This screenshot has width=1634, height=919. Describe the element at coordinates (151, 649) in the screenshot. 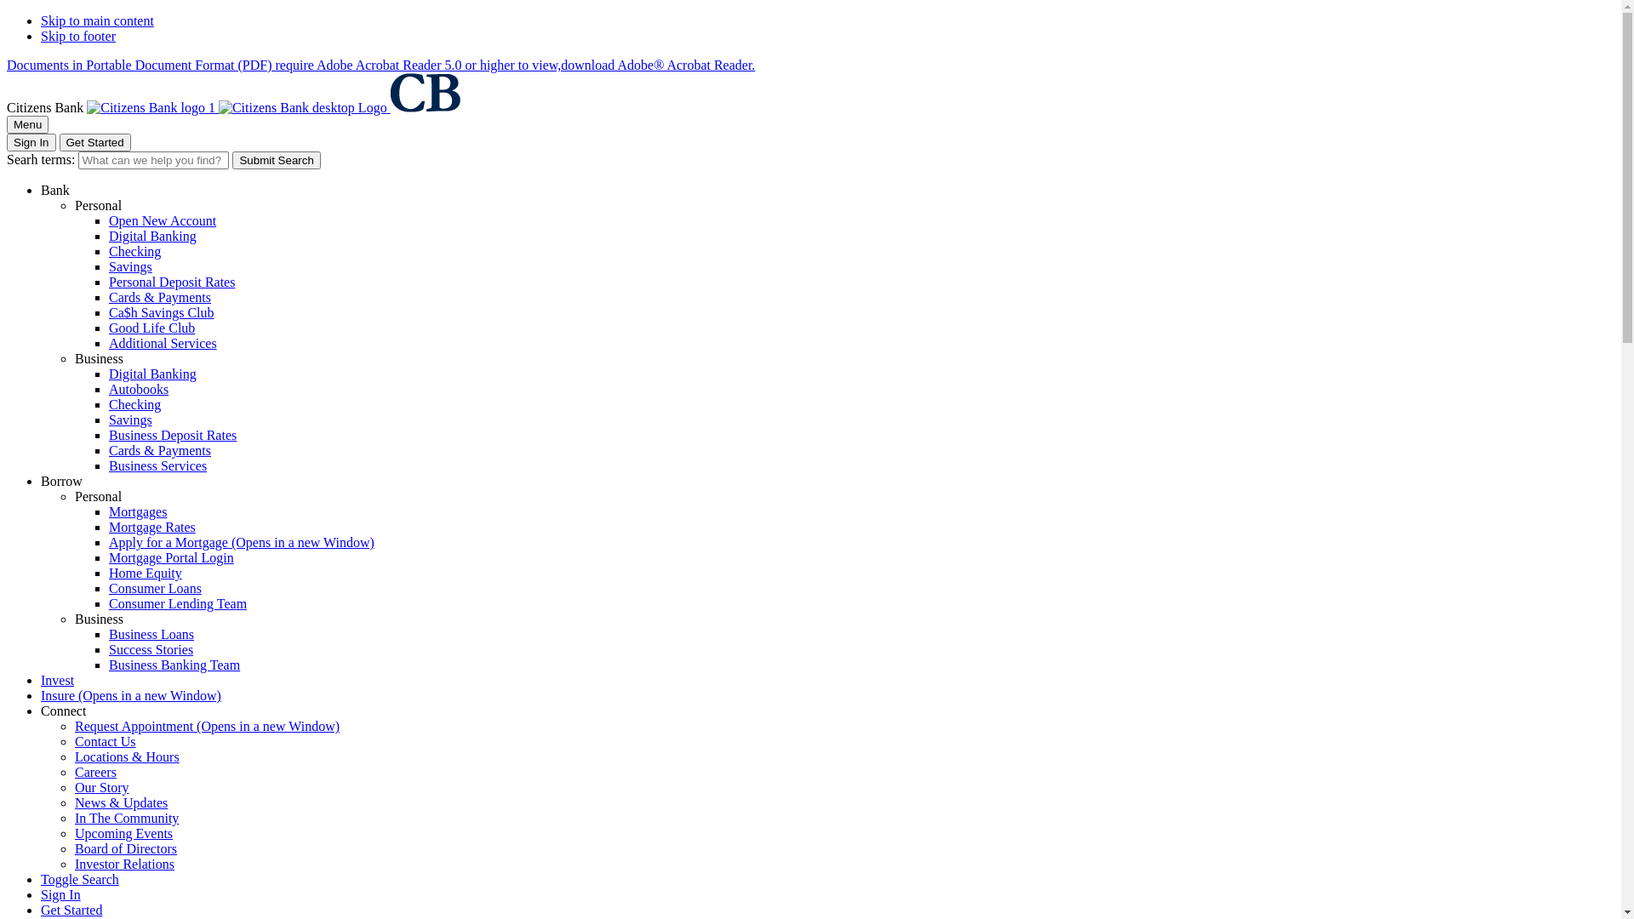

I see `'Success Stories'` at that location.